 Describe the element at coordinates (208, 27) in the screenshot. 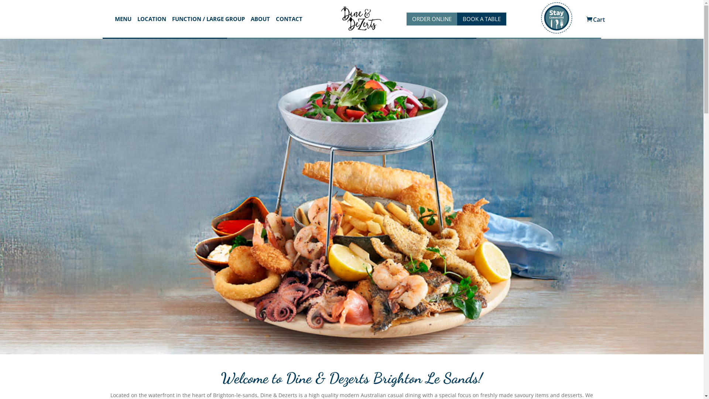

I see `'FUNCTION / LARGE GROUP'` at that location.